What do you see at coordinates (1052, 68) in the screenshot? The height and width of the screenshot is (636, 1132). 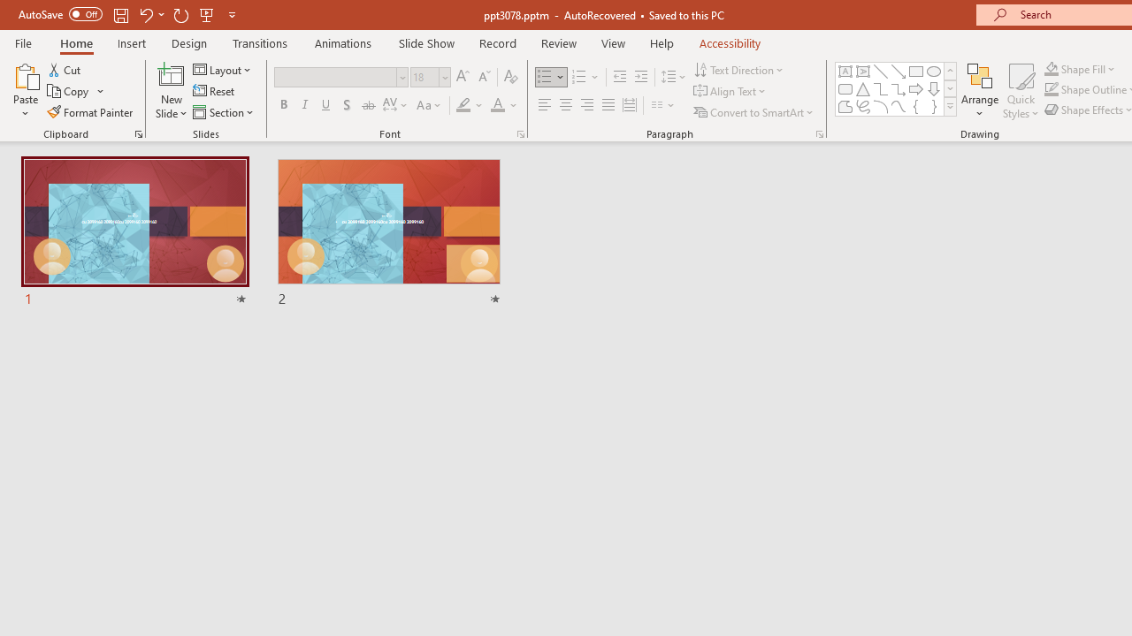 I see `'Shape Fill Dark Green, Accent 2'` at bounding box center [1052, 68].